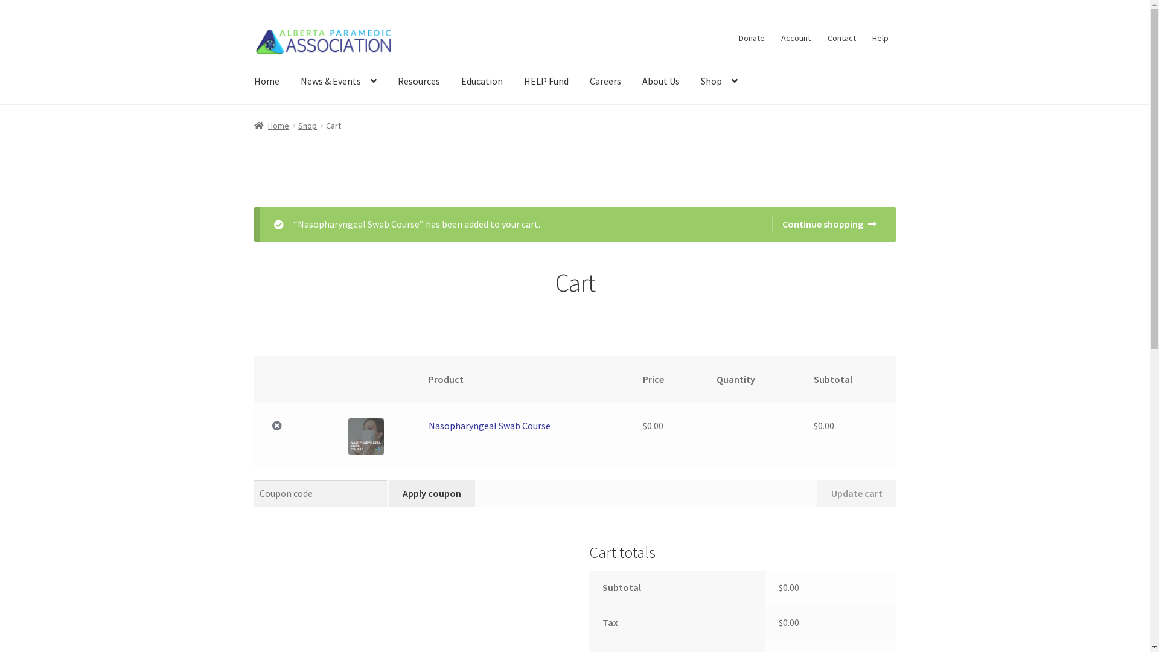 The height and width of the screenshot is (652, 1159). Describe the element at coordinates (660, 81) in the screenshot. I see `'About Us'` at that location.